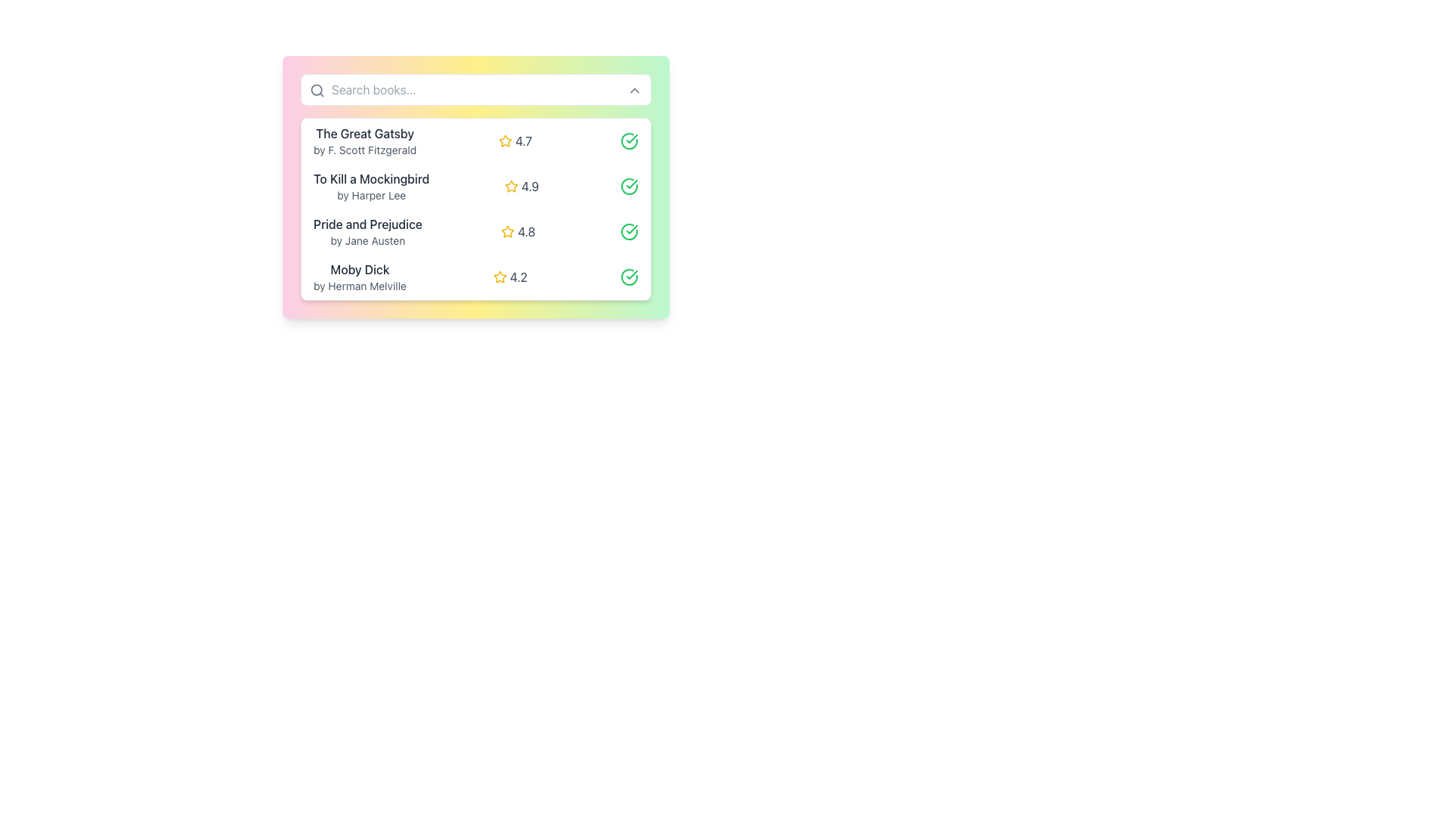  I want to click on the text label displaying the rating value '4.7' located to the right of the yellow star icon in the list item for 'The Great Gatsby', so click(524, 141).